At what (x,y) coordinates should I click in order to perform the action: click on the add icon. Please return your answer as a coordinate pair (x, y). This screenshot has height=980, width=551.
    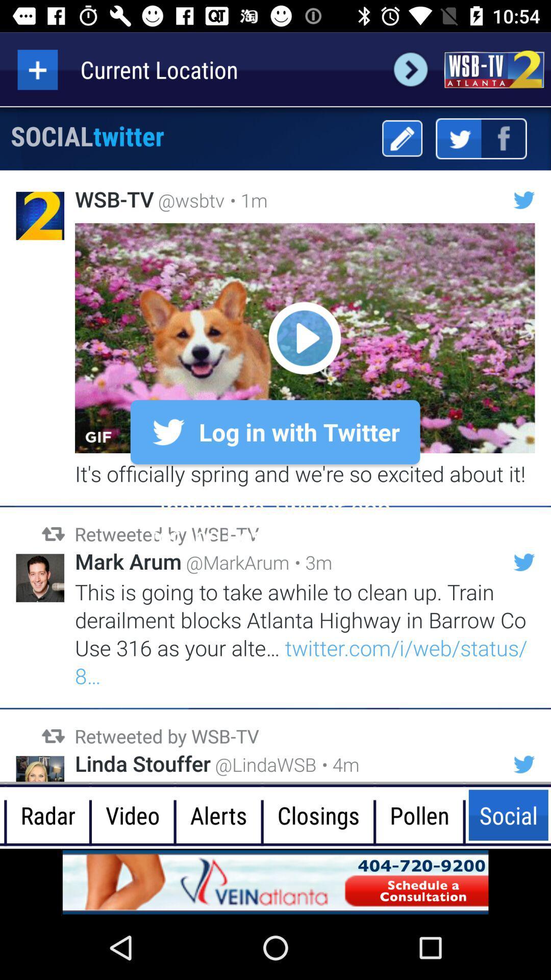
    Looking at the image, I should click on (37, 69).